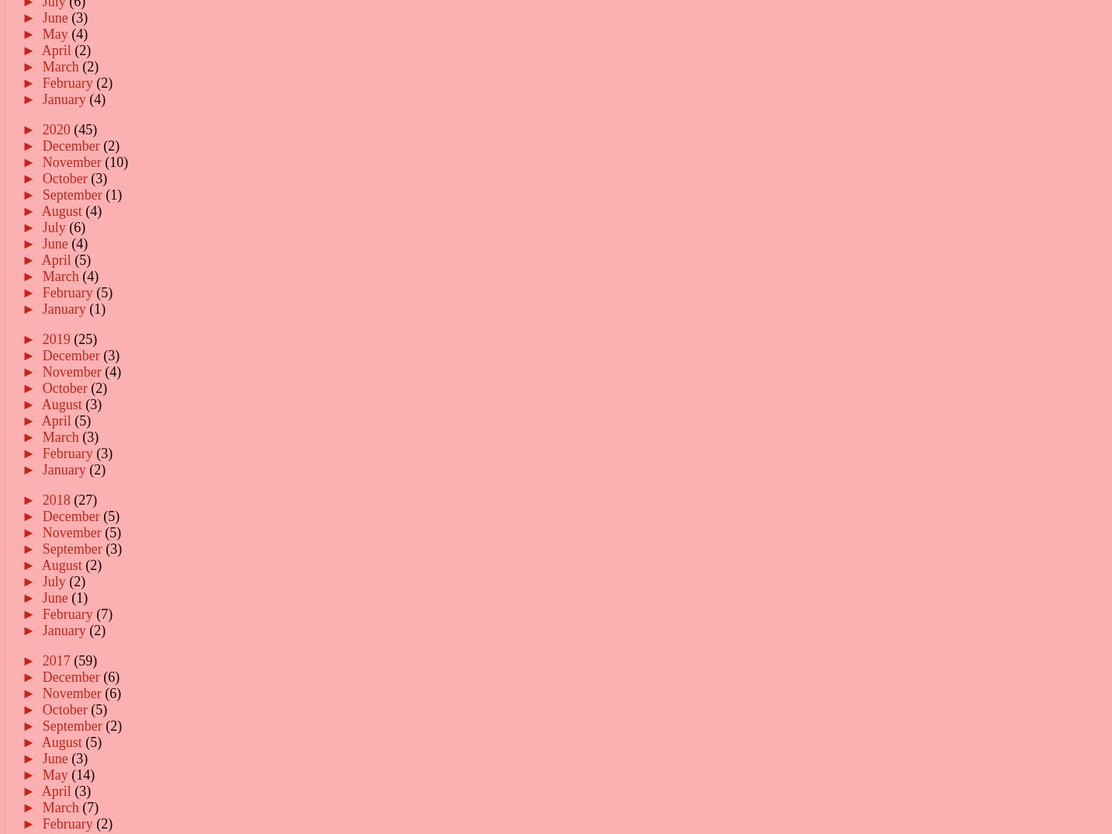 The width and height of the screenshot is (1112, 834). Describe the element at coordinates (82, 773) in the screenshot. I see `'(14)'` at that location.